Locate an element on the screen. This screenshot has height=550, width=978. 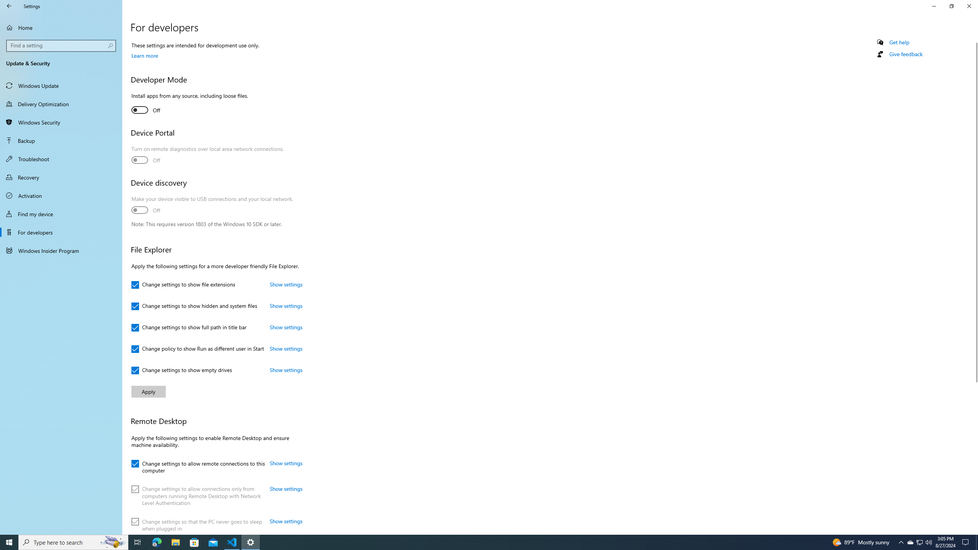
'Vertical Large Increase' is located at coordinates (975, 455).